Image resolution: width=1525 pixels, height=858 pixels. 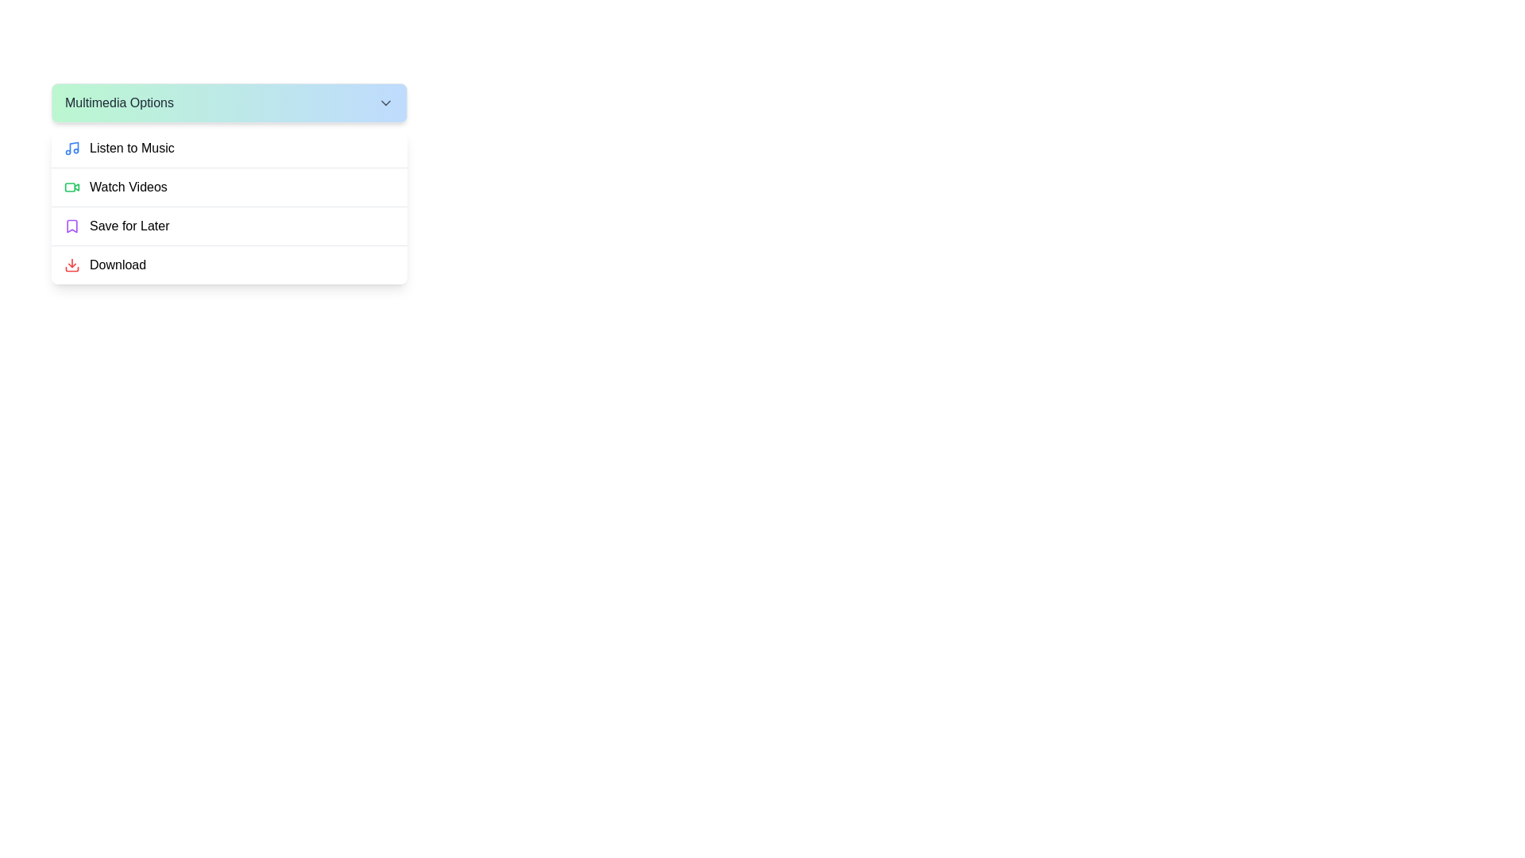 What do you see at coordinates (71, 226) in the screenshot?
I see `the 'Save for Later' icon located in the dropdown menu to interact with its associated functionality` at bounding box center [71, 226].